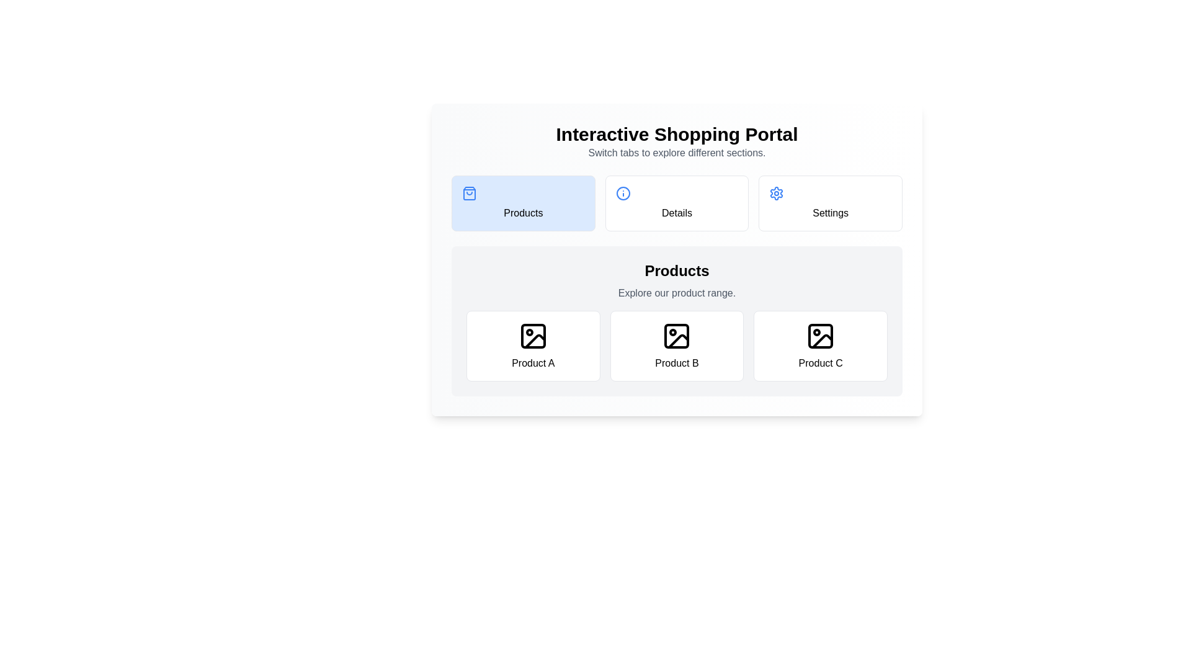 Image resolution: width=1191 pixels, height=670 pixels. Describe the element at coordinates (821, 346) in the screenshot. I see `the product card labeled Product C` at that location.